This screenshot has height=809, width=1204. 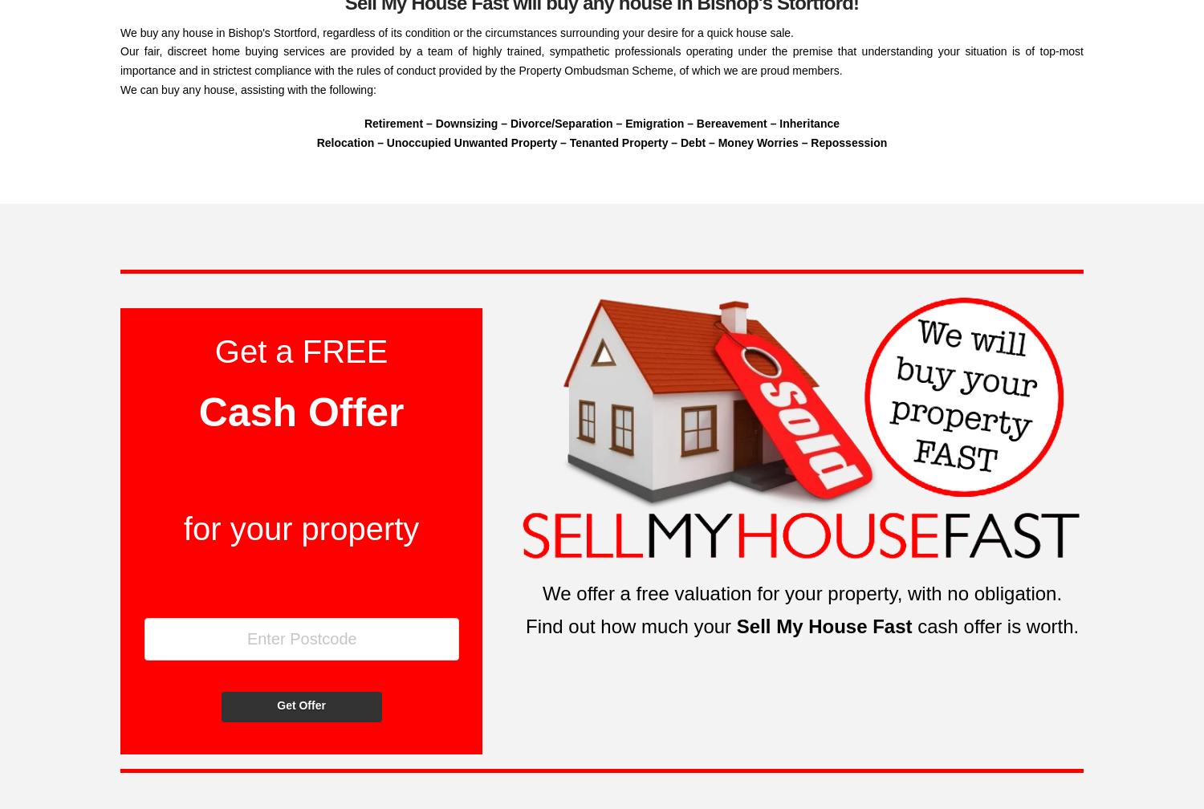 I want to click on 'Find out how much your', so click(x=630, y=626).